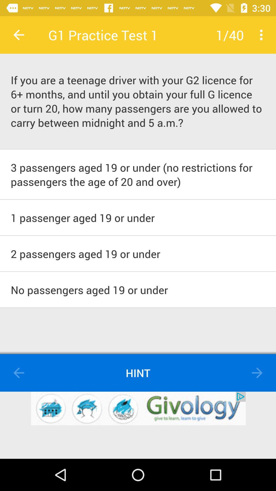  What do you see at coordinates (257, 373) in the screenshot?
I see `the arrow_forward icon` at bounding box center [257, 373].